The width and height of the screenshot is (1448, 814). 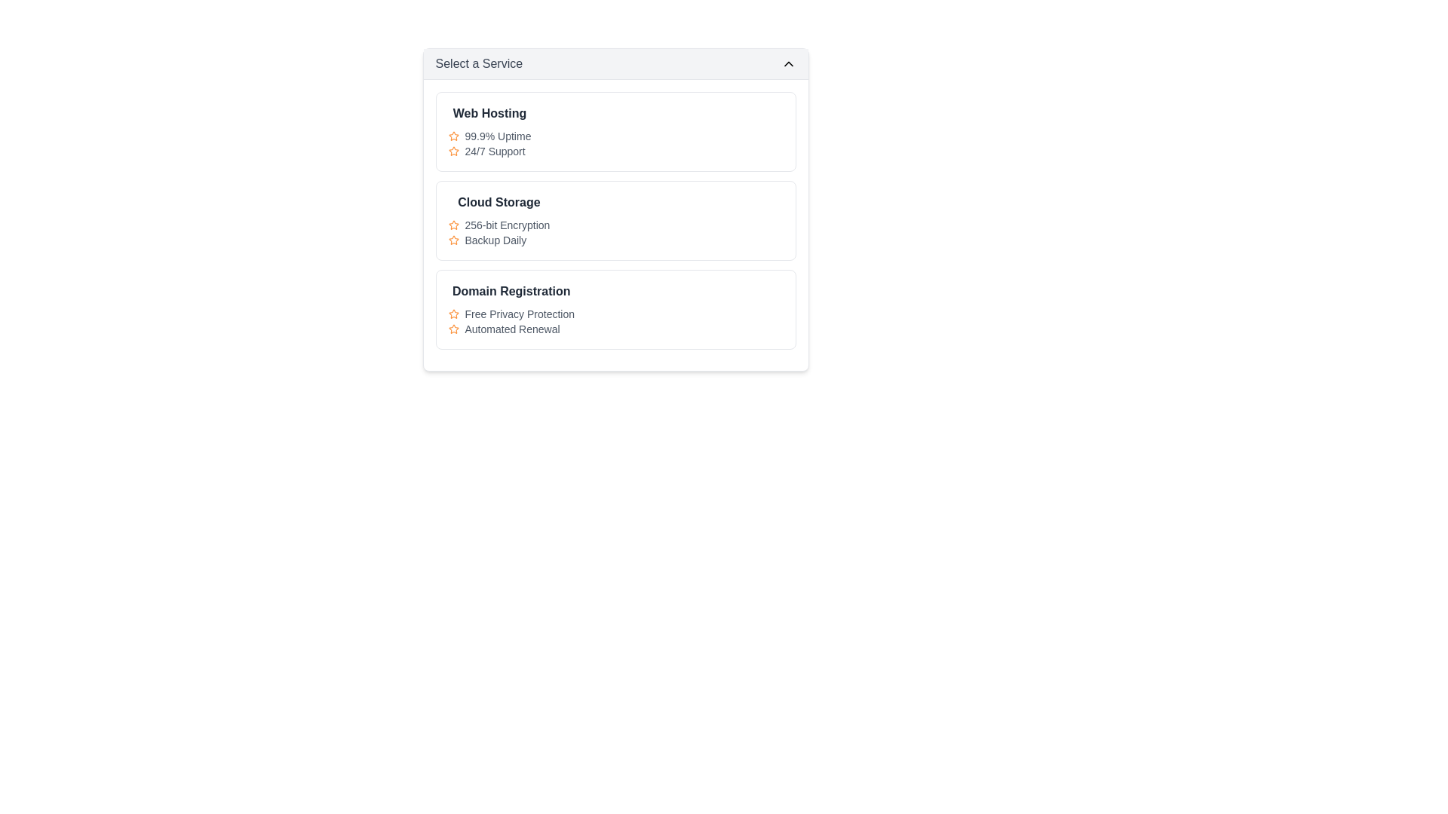 I want to click on the 'Domain Registration' option in the selection menu, so click(x=615, y=309).